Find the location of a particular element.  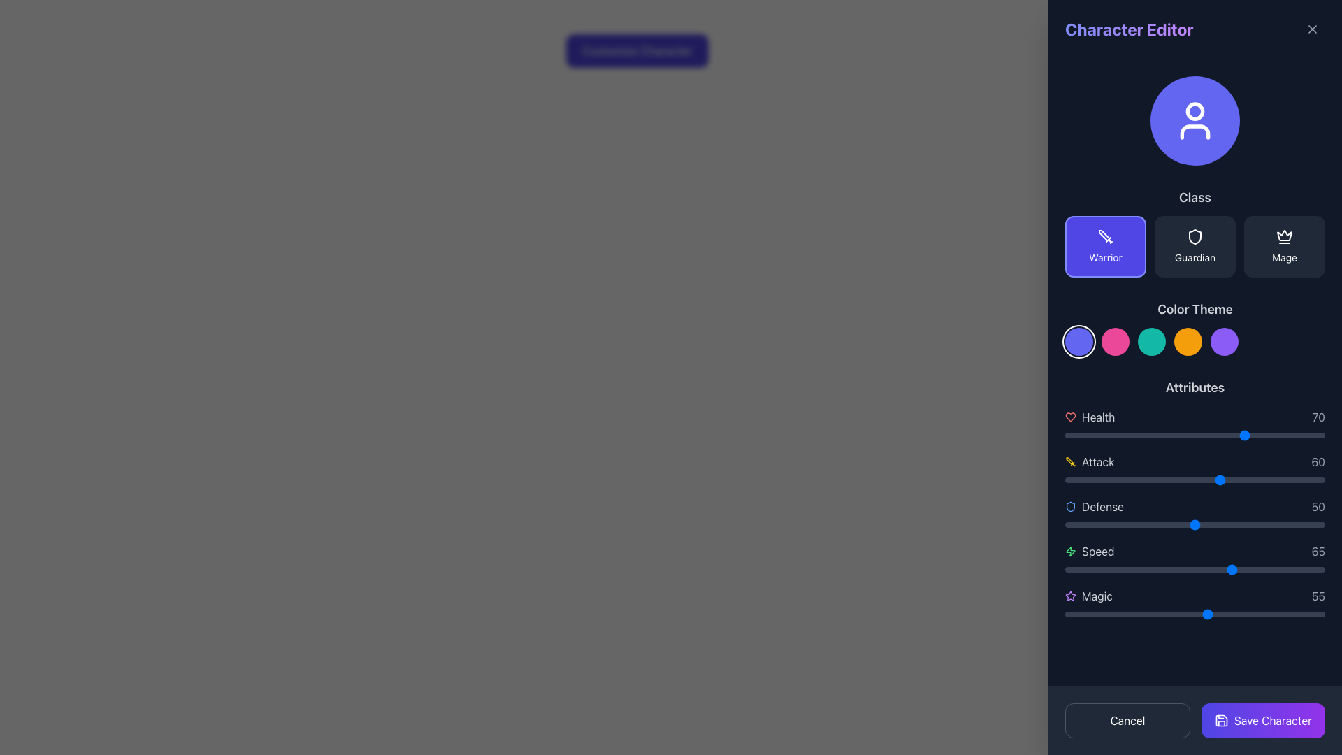

the 'Attack' slider, which is a horizontal slider labeled with a sword icon on the left and '60' on the right is located at coordinates (1194, 470).